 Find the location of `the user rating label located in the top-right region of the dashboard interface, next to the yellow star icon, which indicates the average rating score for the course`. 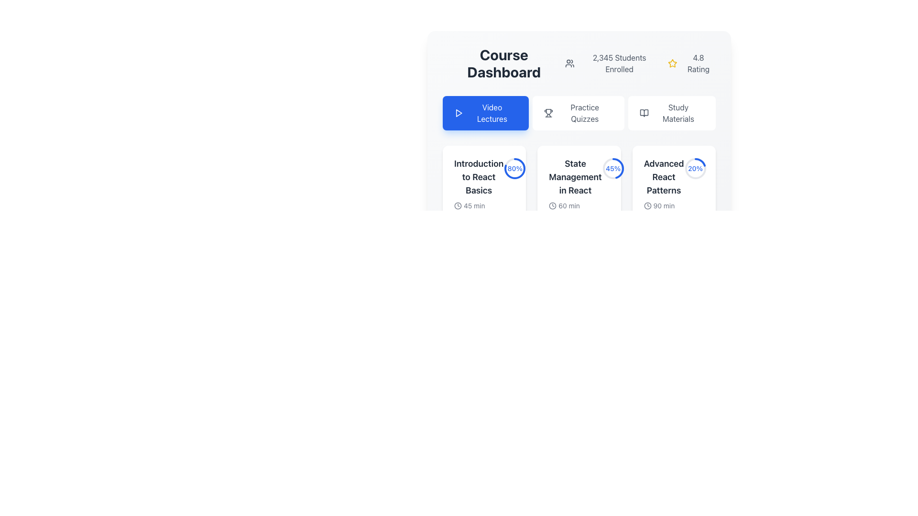

the user rating label located in the top-right region of the dashboard interface, next to the yellow star icon, which indicates the average rating score for the course is located at coordinates (698, 63).